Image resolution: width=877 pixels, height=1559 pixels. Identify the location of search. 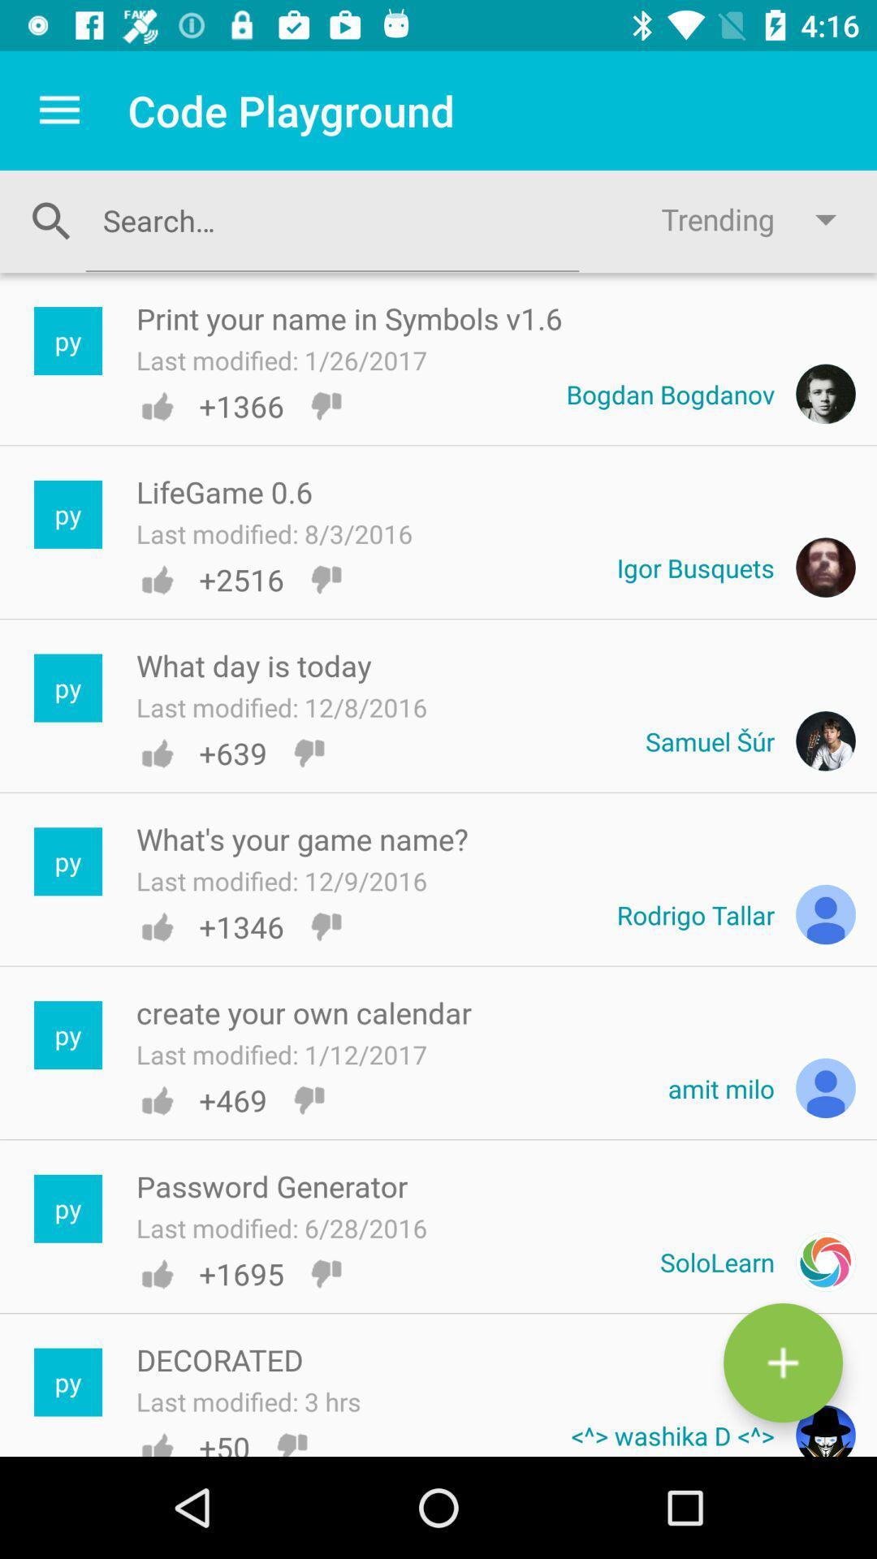
(331, 219).